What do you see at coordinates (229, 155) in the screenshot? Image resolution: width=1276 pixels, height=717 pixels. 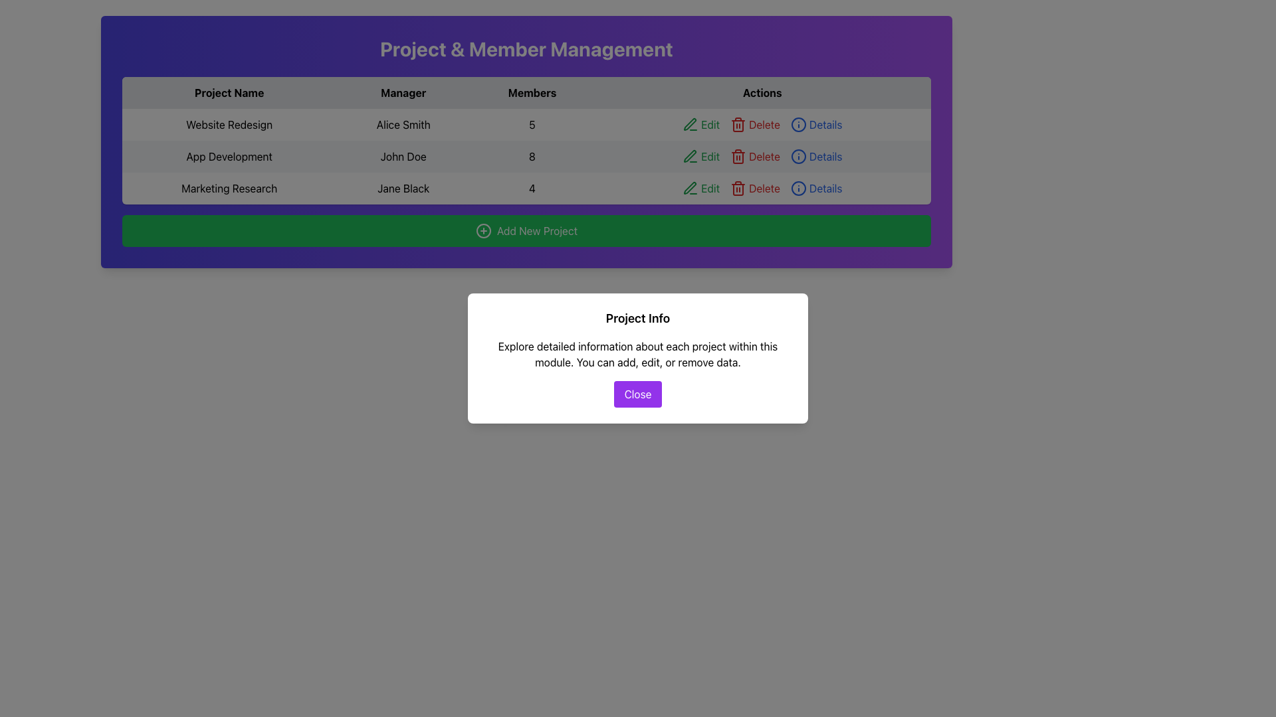 I see `the first cell under the 'Project Name' column in the second row of the table in the 'Project & Member Management' section to identify the project` at bounding box center [229, 155].